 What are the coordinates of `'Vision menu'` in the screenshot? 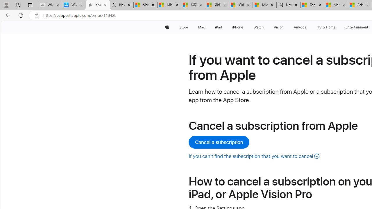 It's located at (285, 27).